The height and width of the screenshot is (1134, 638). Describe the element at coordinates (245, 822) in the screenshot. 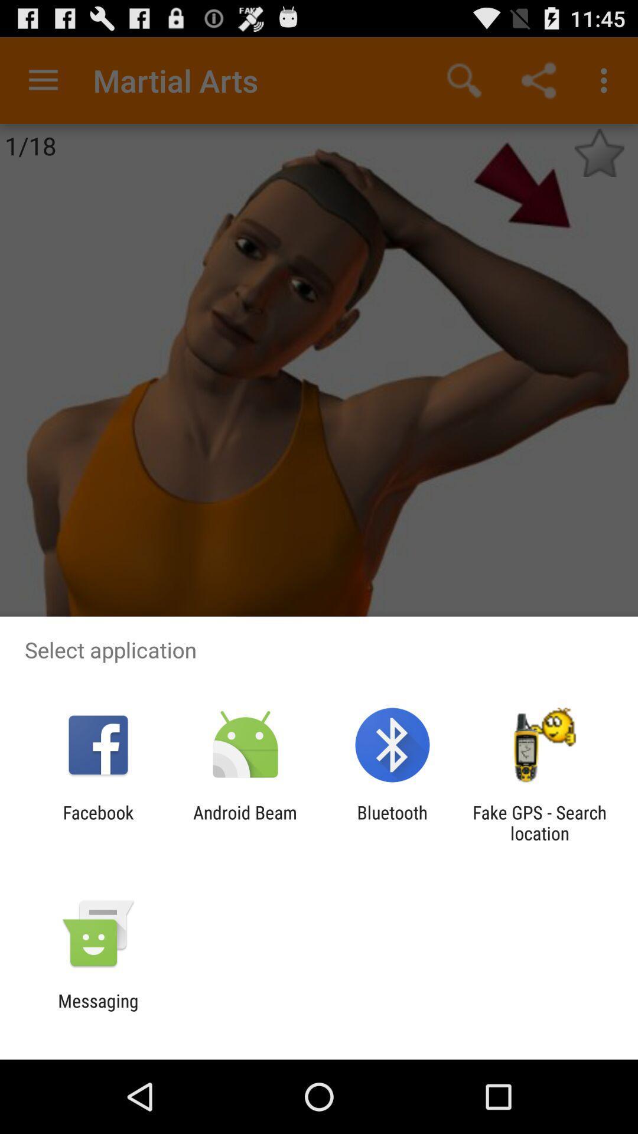

I see `item to the left of bluetooth app` at that location.